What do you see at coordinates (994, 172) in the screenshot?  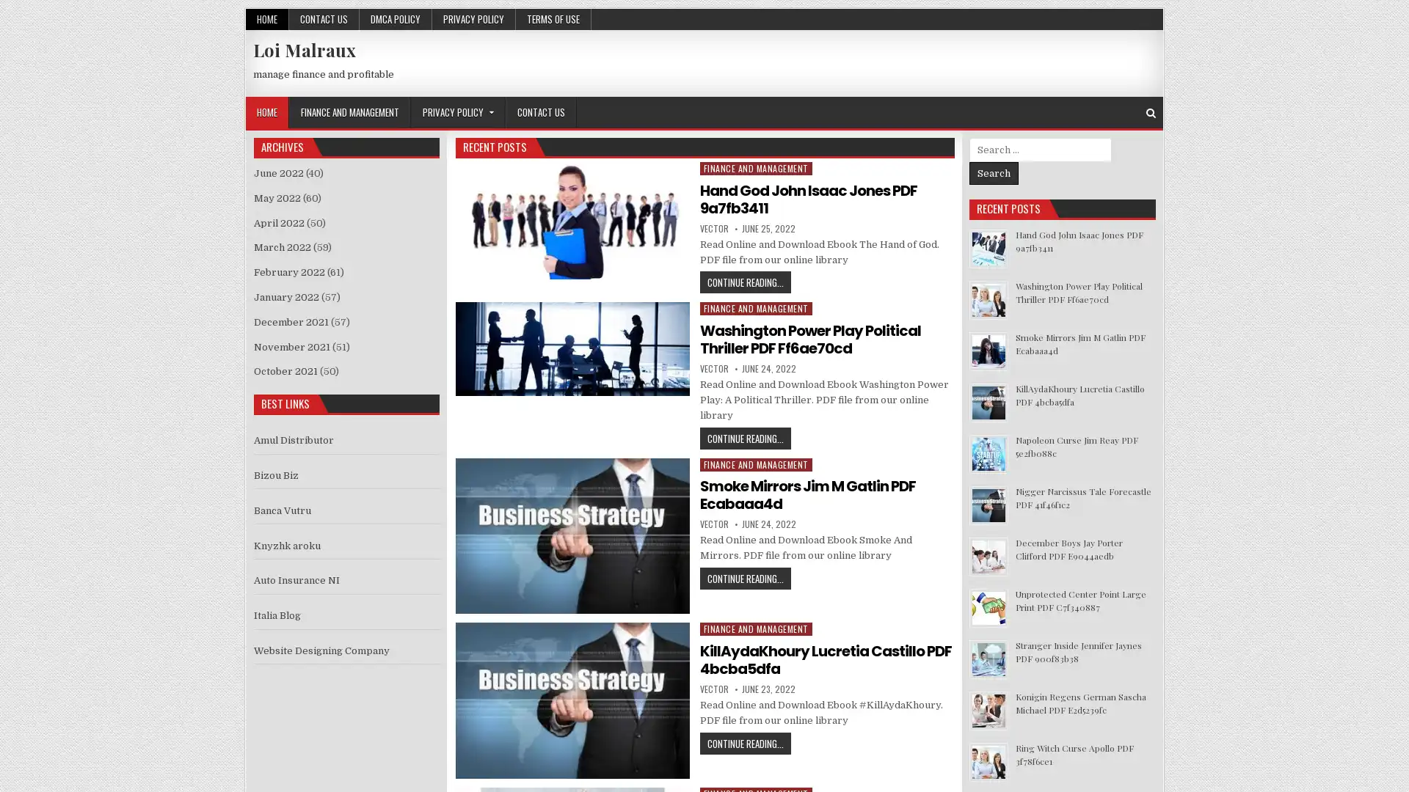 I see `Search` at bounding box center [994, 172].